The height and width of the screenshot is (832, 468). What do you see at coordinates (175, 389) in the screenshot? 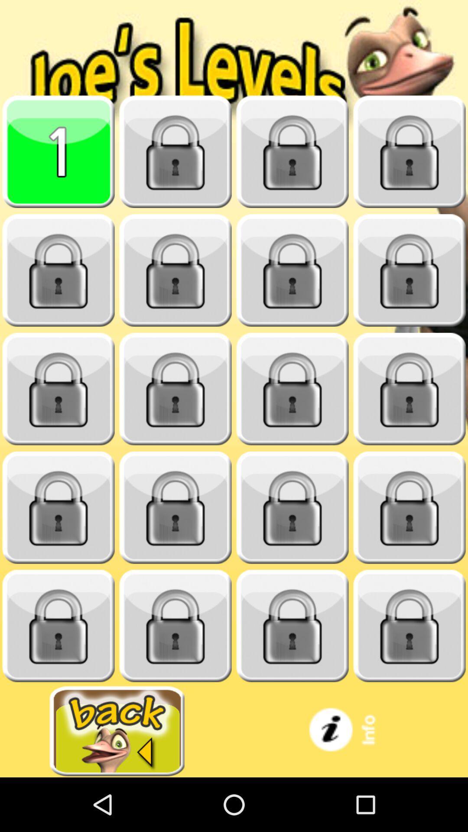
I see `unlock section` at bounding box center [175, 389].